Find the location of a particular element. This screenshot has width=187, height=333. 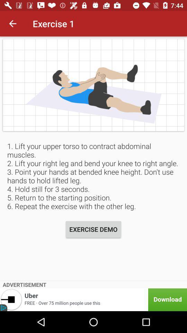

item below advertisement item is located at coordinates (93, 299).